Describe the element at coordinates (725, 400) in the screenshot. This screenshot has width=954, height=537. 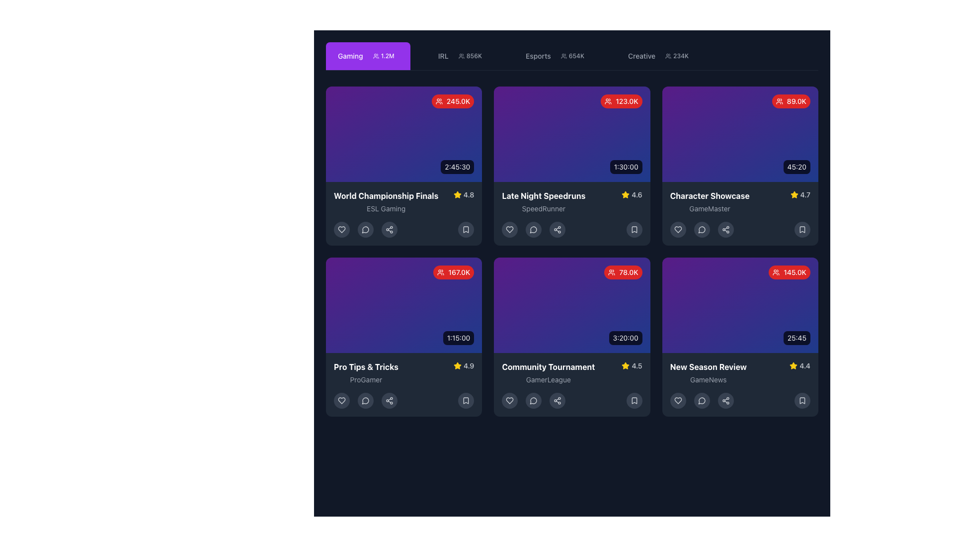
I see `the circular gray Icon Button with a share icon located at the bottom section of the rightmost card in the second row of the grid layout to share content` at that location.